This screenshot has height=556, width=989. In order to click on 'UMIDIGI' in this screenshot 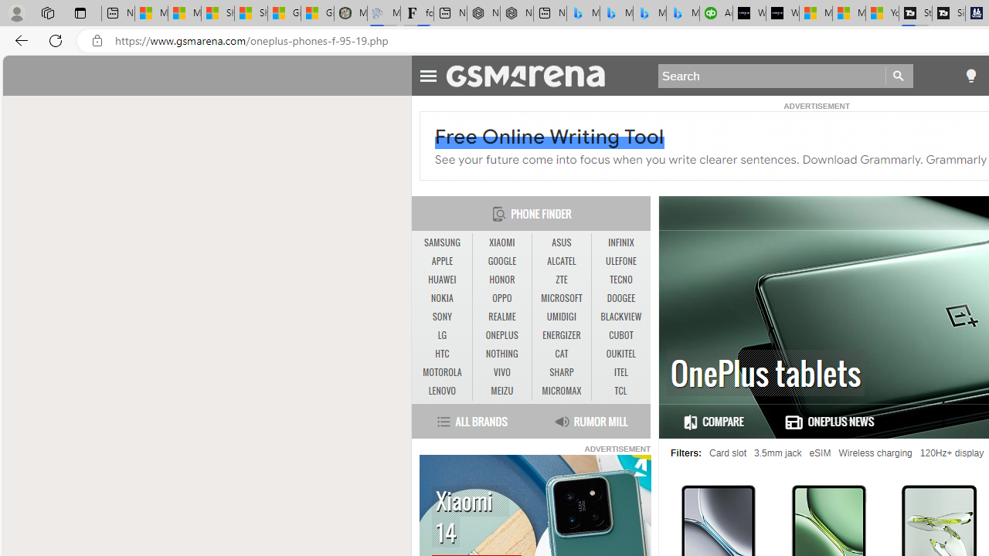, I will do `click(561, 317)`.